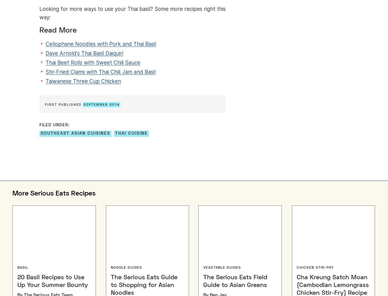 The width and height of the screenshot is (388, 296). Describe the element at coordinates (39, 13) in the screenshot. I see `'Looking for more ways to use your Thai basil? Some more recipes right this way:'` at that location.